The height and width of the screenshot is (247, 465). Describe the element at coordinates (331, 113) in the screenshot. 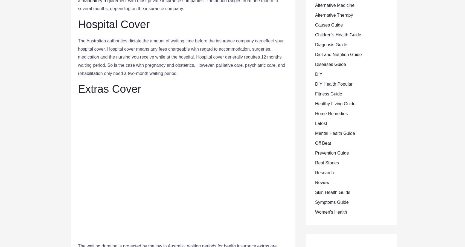

I see `'Home Remedies'` at that location.